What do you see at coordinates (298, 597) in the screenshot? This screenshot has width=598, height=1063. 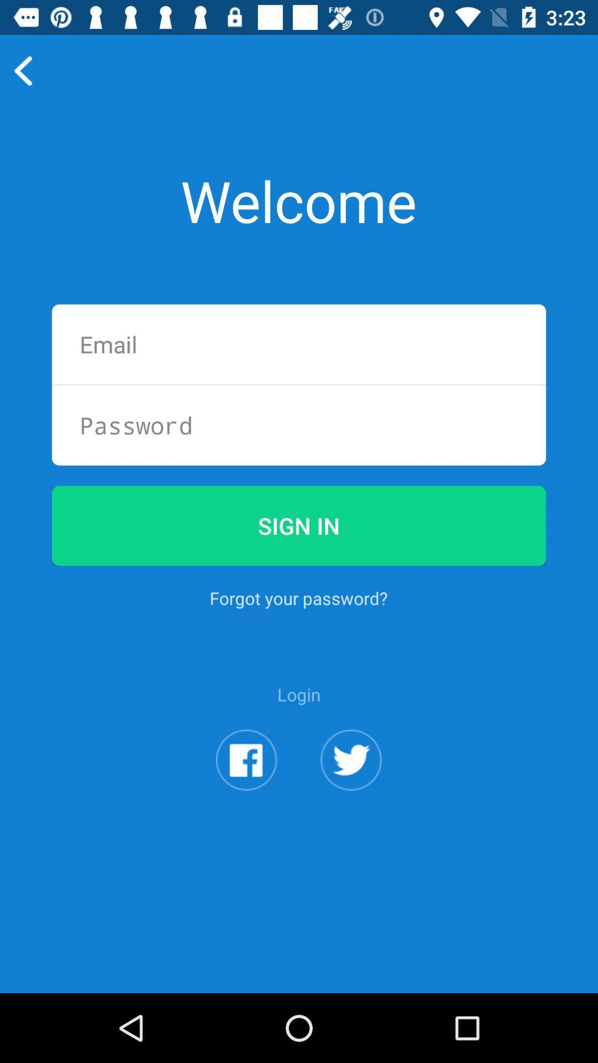 I see `the icon above login` at bounding box center [298, 597].